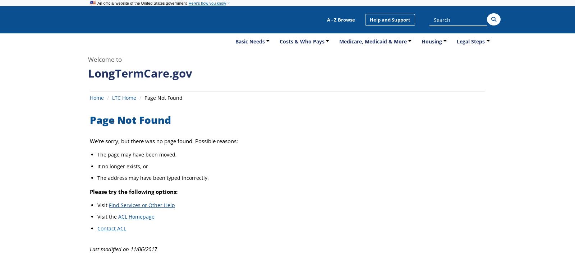  I want to click on 'Last modified on 11/06/2017', so click(123, 249).